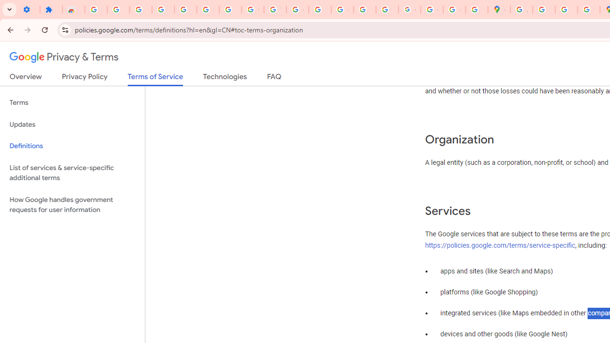 The image size is (610, 343). Describe the element at coordinates (64, 57) in the screenshot. I see `'Privacy & Terms'` at that location.